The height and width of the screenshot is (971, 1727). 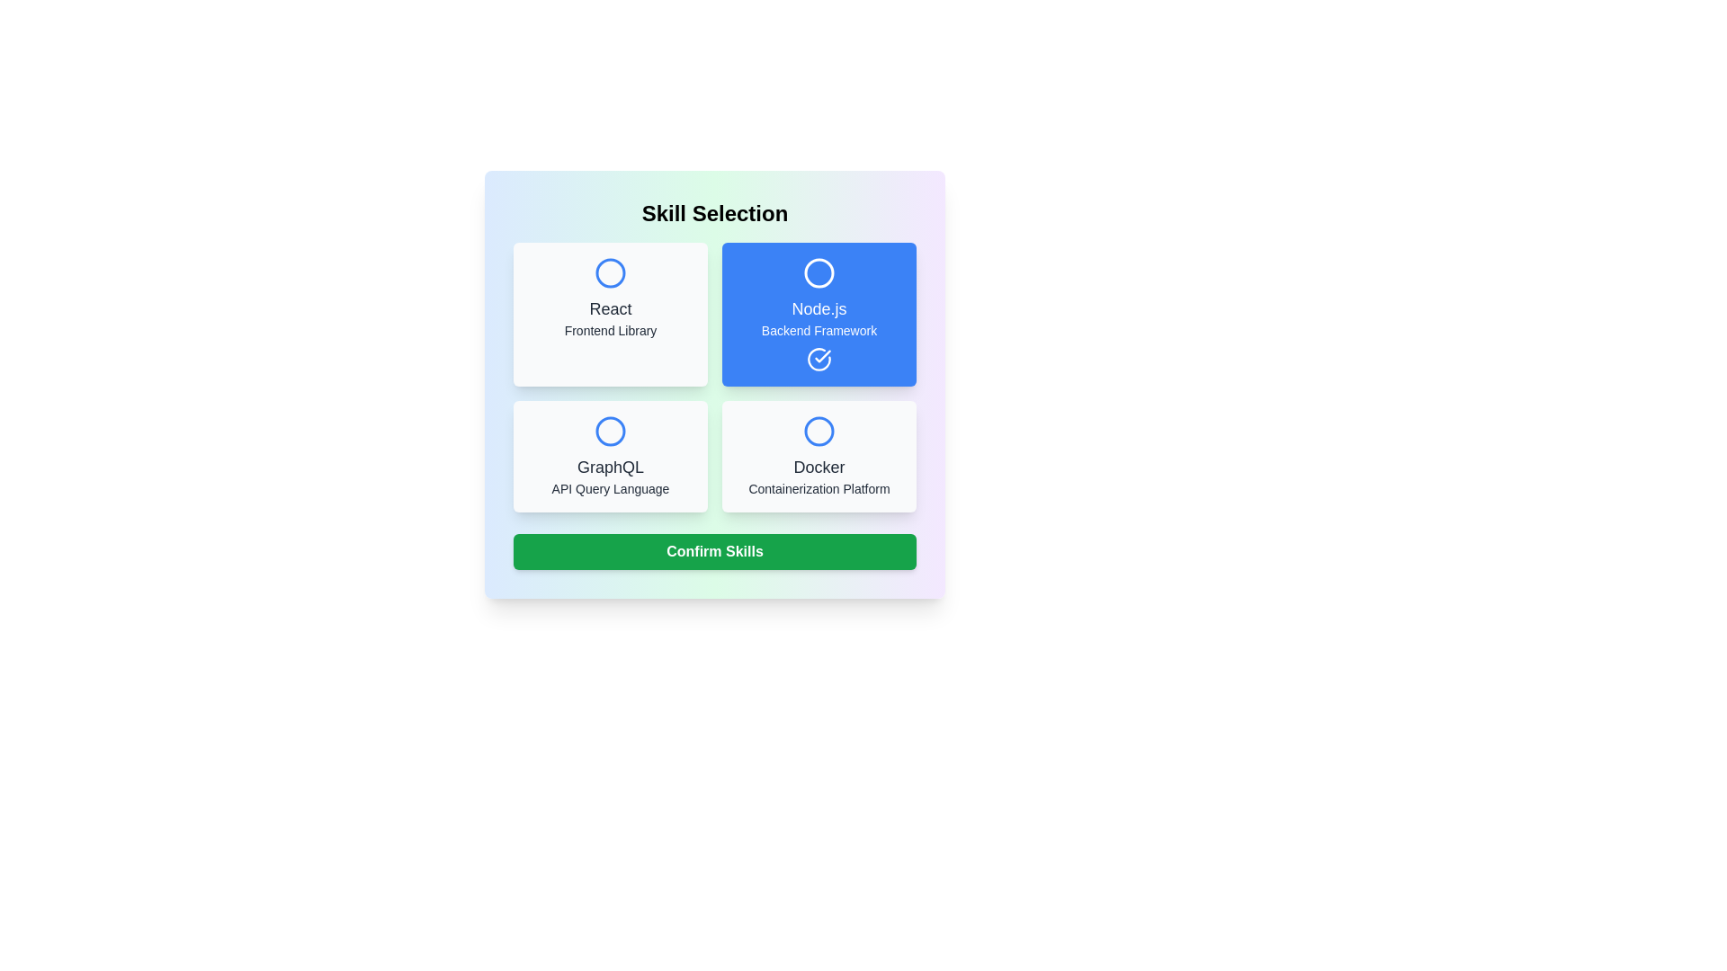 What do you see at coordinates (610, 314) in the screenshot?
I see `the skill chip labeled 'React'` at bounding box center [610, 314].